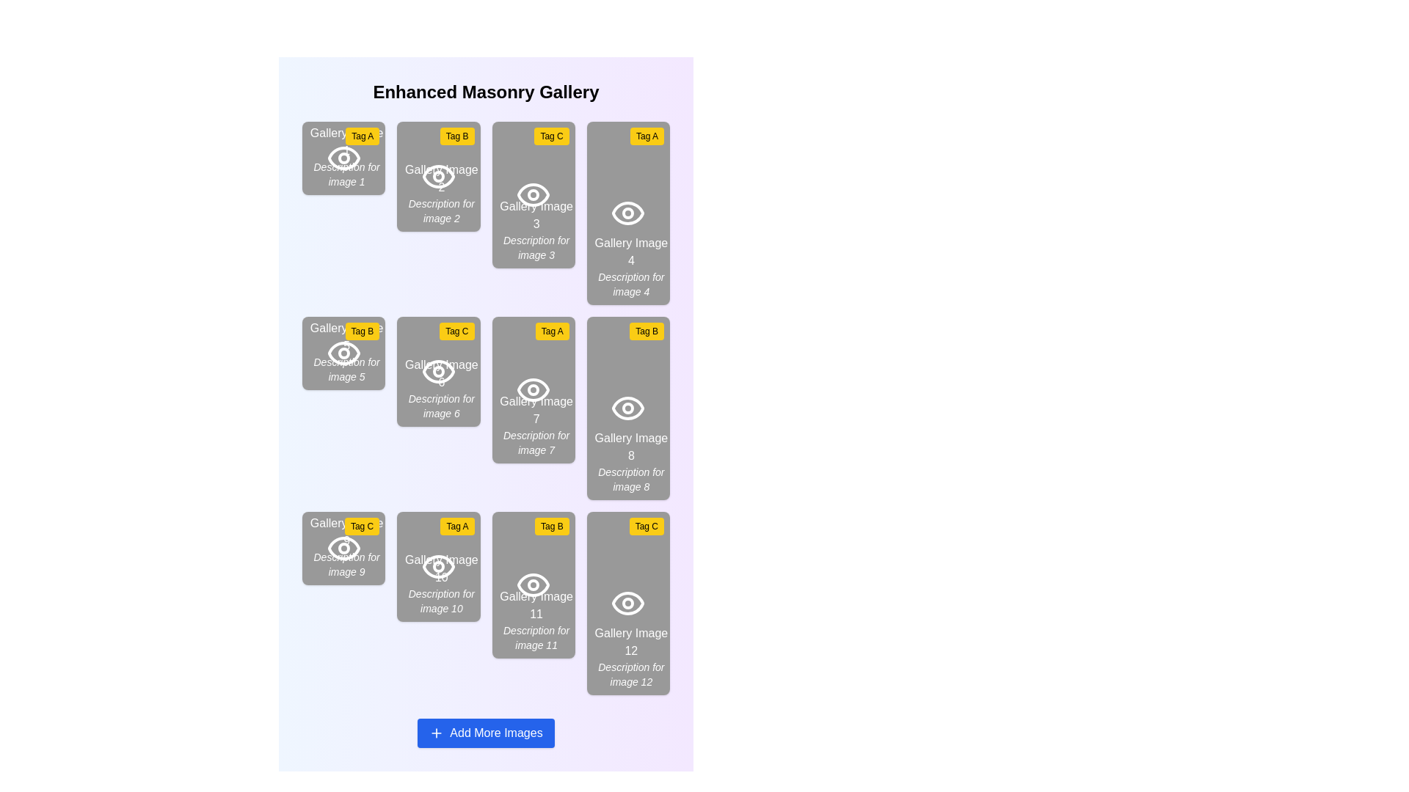 Image resolution: width=1409 pixels, height=792 pixels. I want to click on text content of the descriptive label located immediately below 'Gallery Image 12' in the bottom-right region of the gallery layout, so click(631, 675).